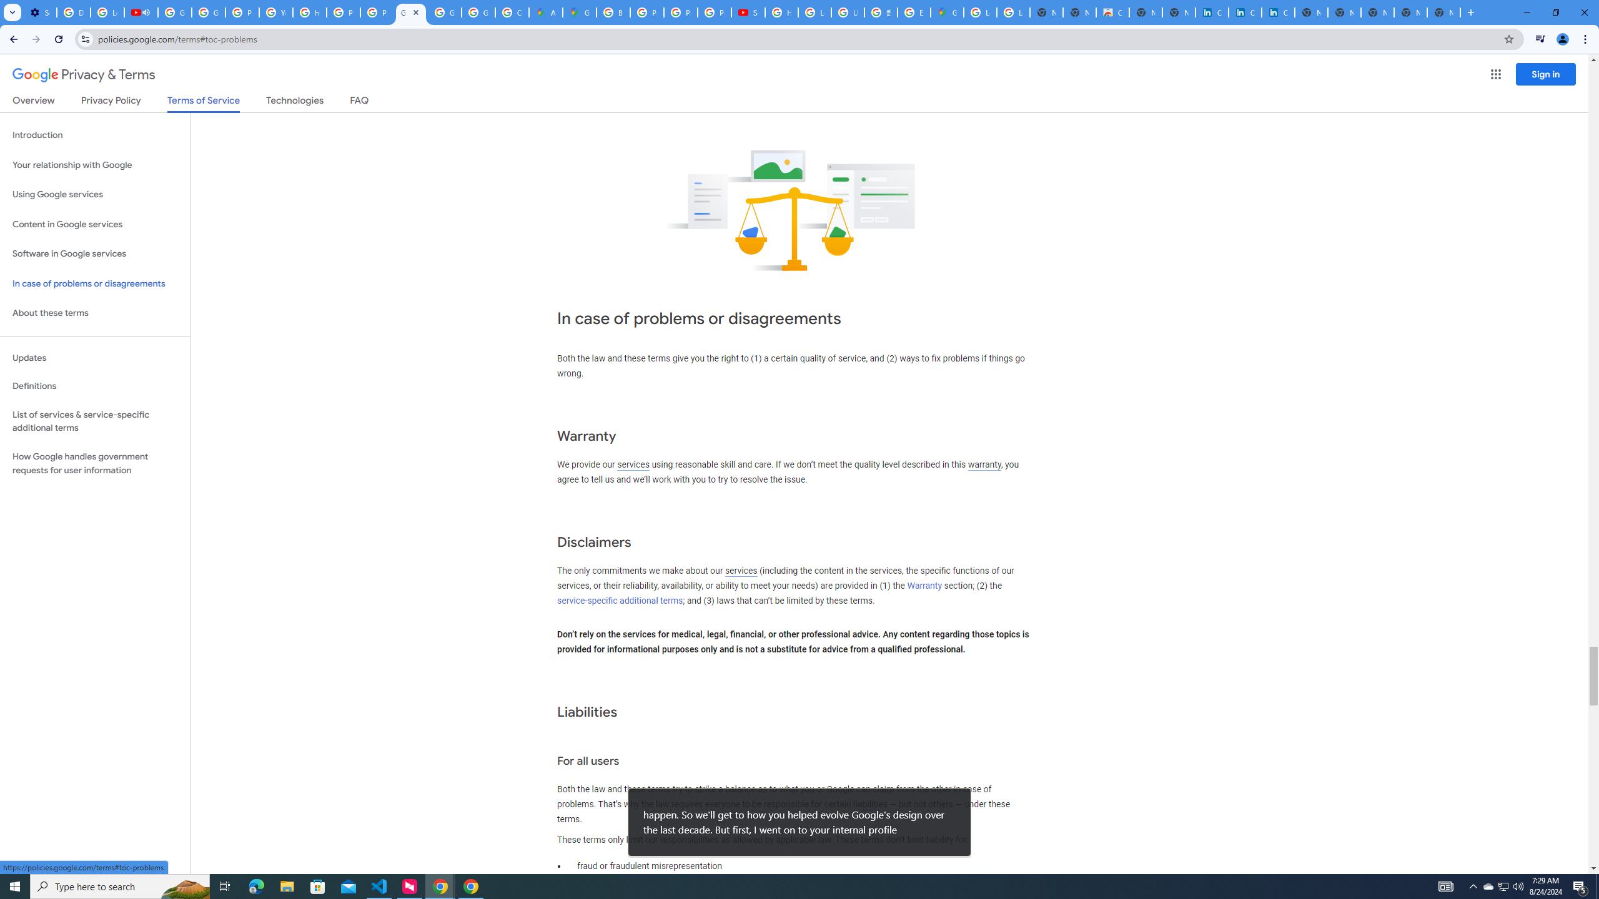 Image resolution: width=1599 pixels, height=899 pixels. What do you see at coordinates (512, 12) in the screenshot?
I see `'Create your Google Account'` at bounding box center [512, 12].